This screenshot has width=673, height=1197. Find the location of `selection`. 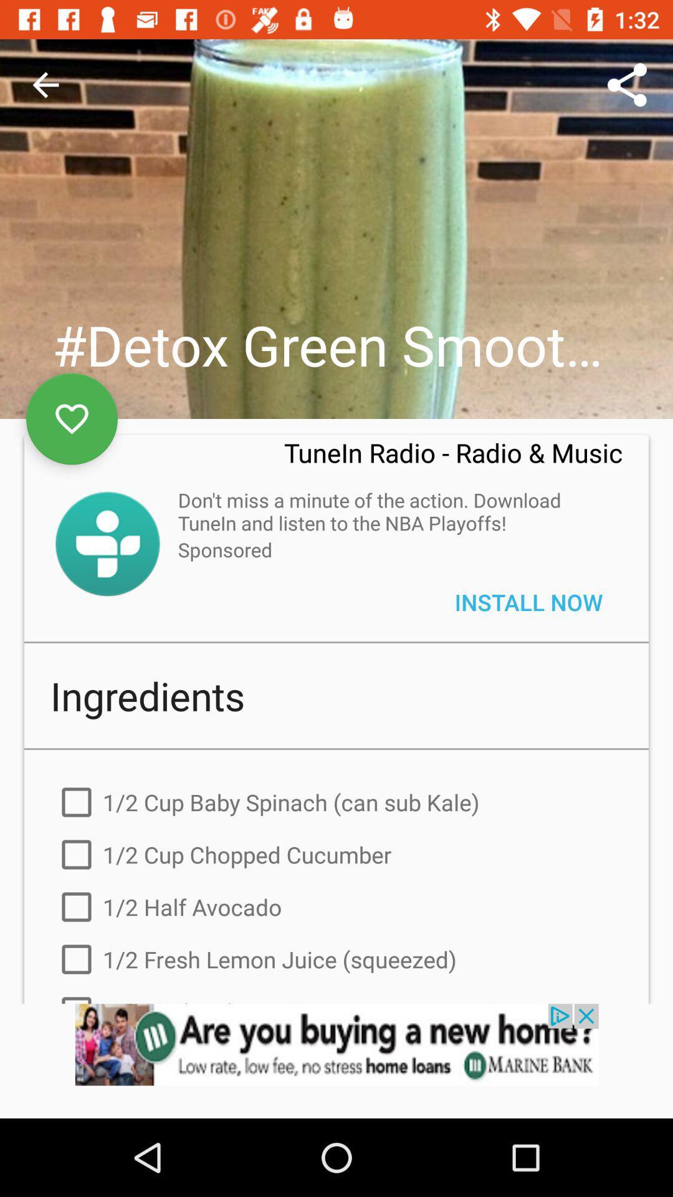

selection is located at coordinates (72, 419).